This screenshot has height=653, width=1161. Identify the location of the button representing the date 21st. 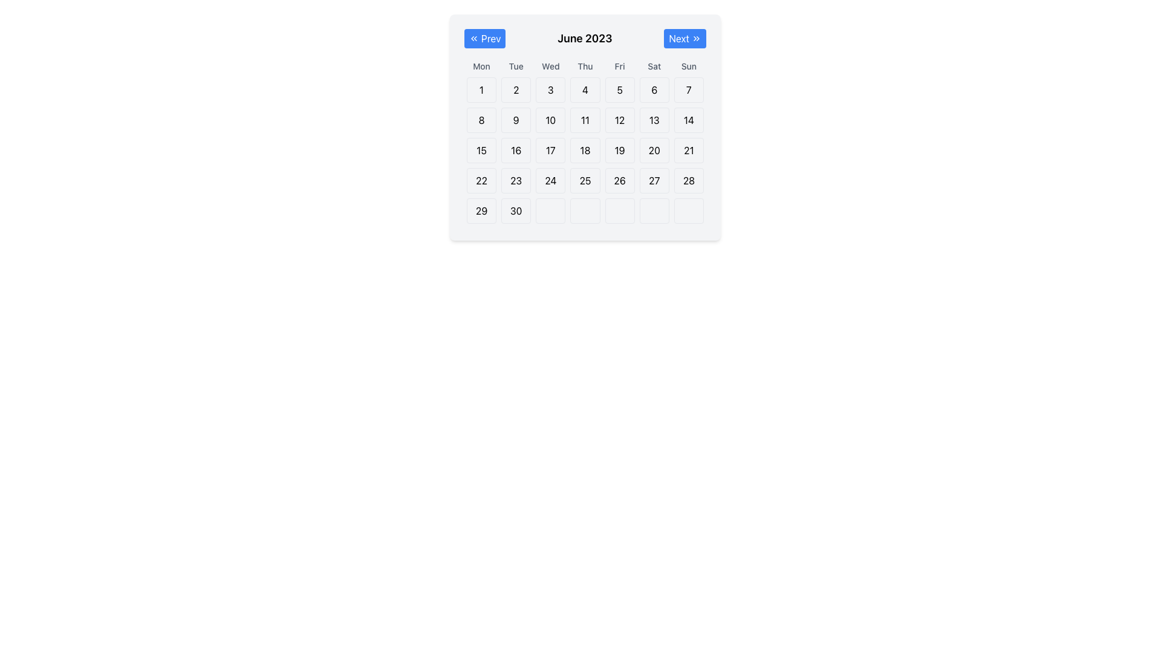
(689, 150).